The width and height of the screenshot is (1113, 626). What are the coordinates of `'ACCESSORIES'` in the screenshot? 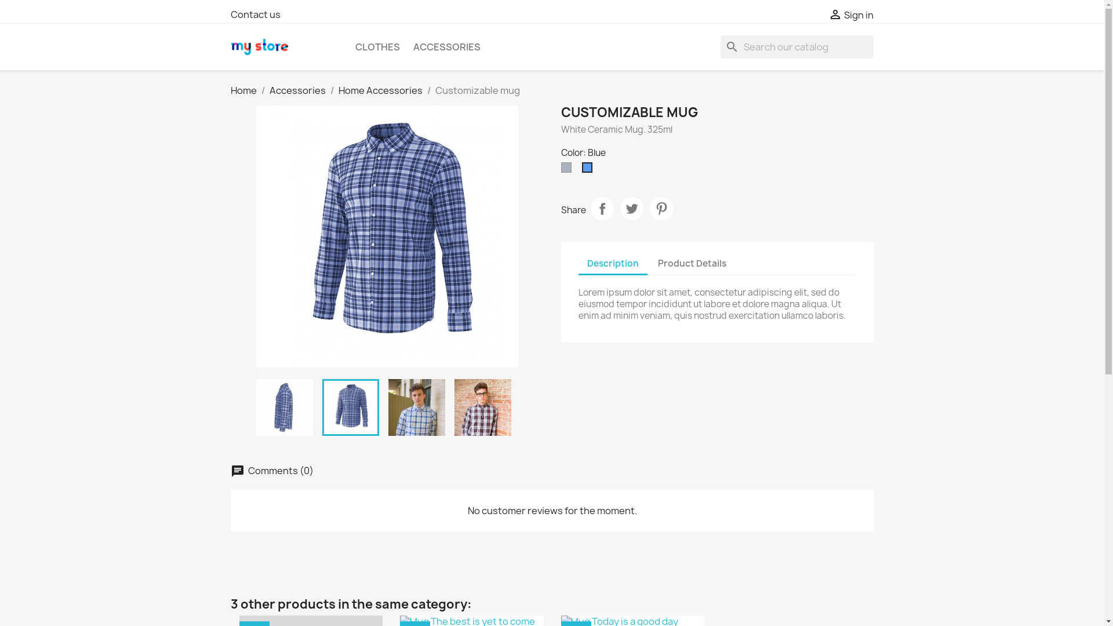 It's located at (406, 46).